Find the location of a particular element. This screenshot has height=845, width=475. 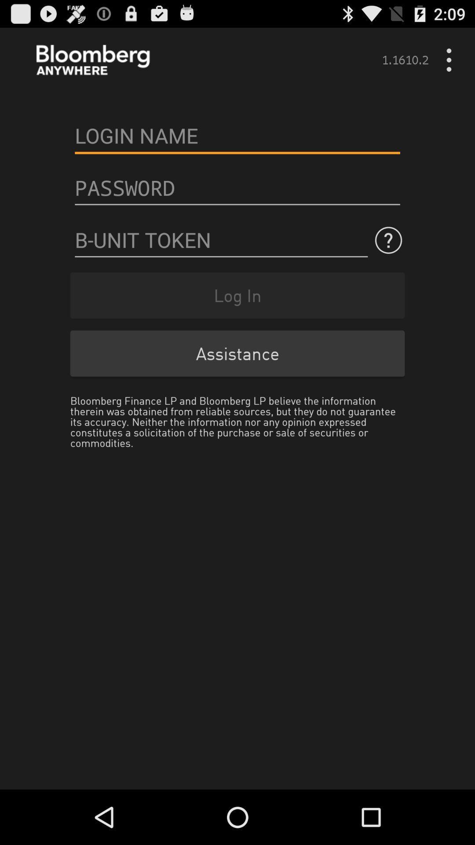

log in icon is located at coordinates (237, 295).